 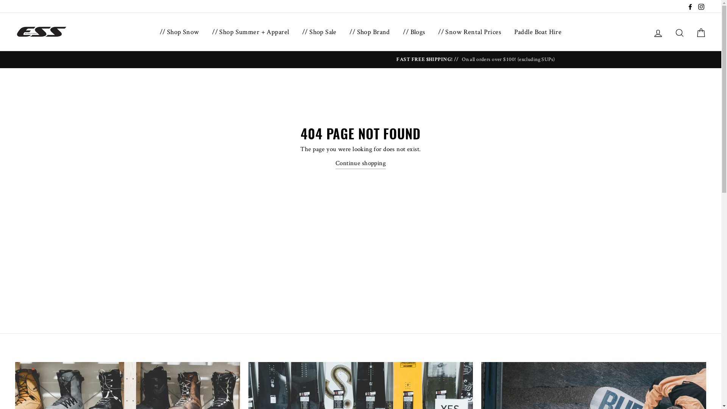 I want to click on 'Skip to content', so click(x=0, y=0).